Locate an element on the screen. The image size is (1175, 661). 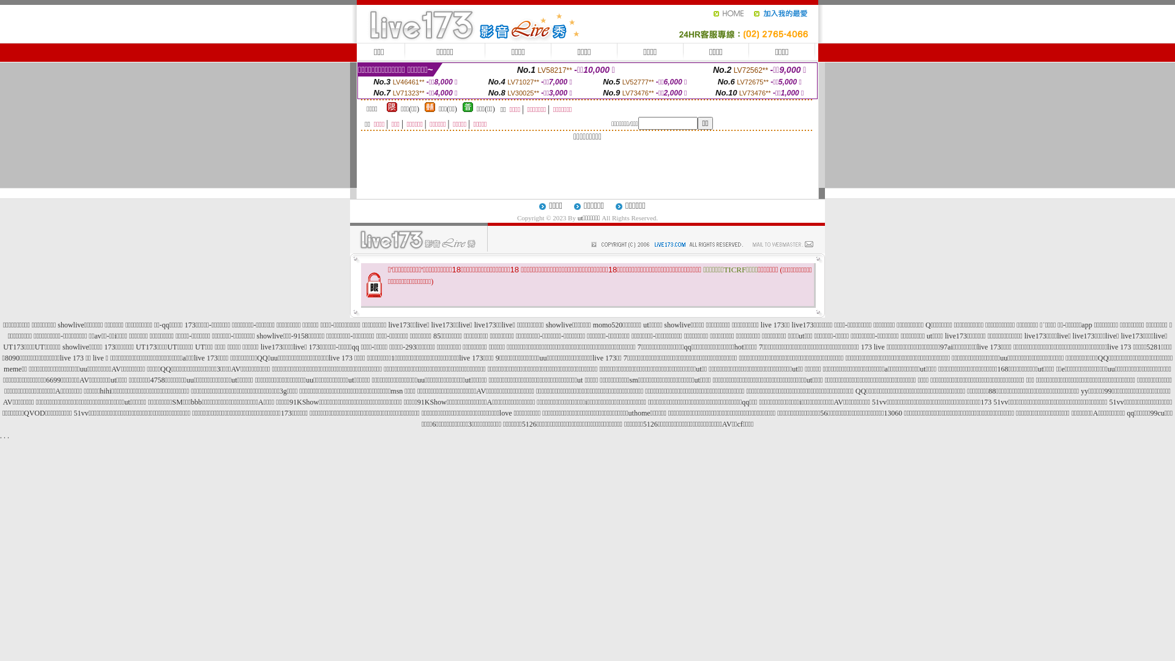
'.' is located at coordinates (7, 435).